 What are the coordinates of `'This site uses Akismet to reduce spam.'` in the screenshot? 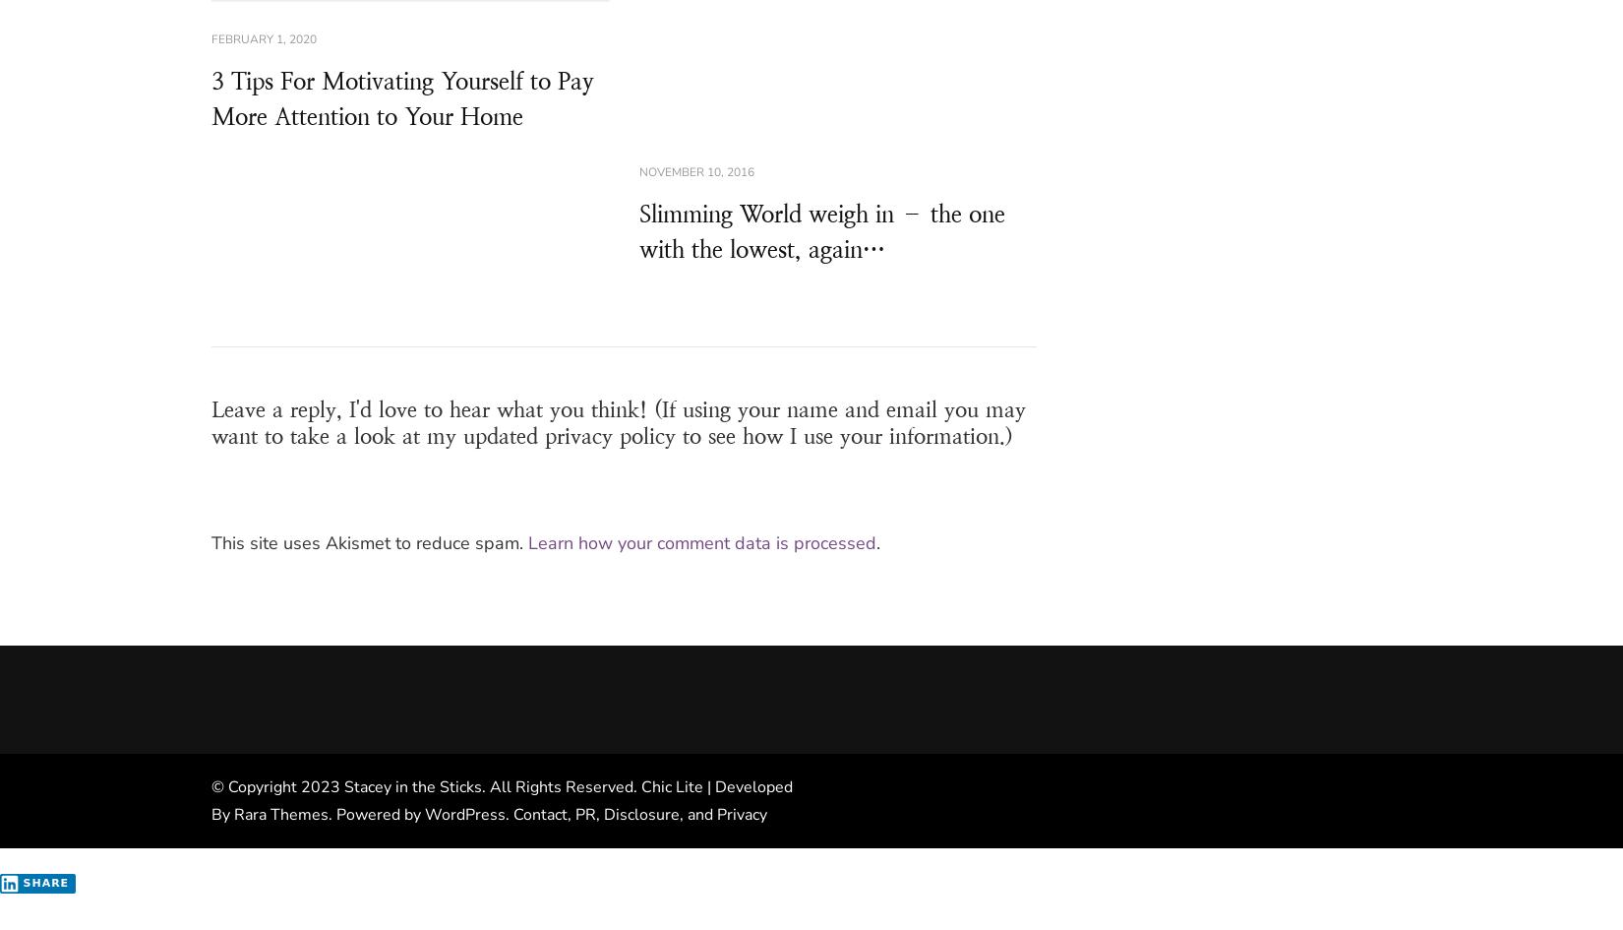 It's located at (370, 542).